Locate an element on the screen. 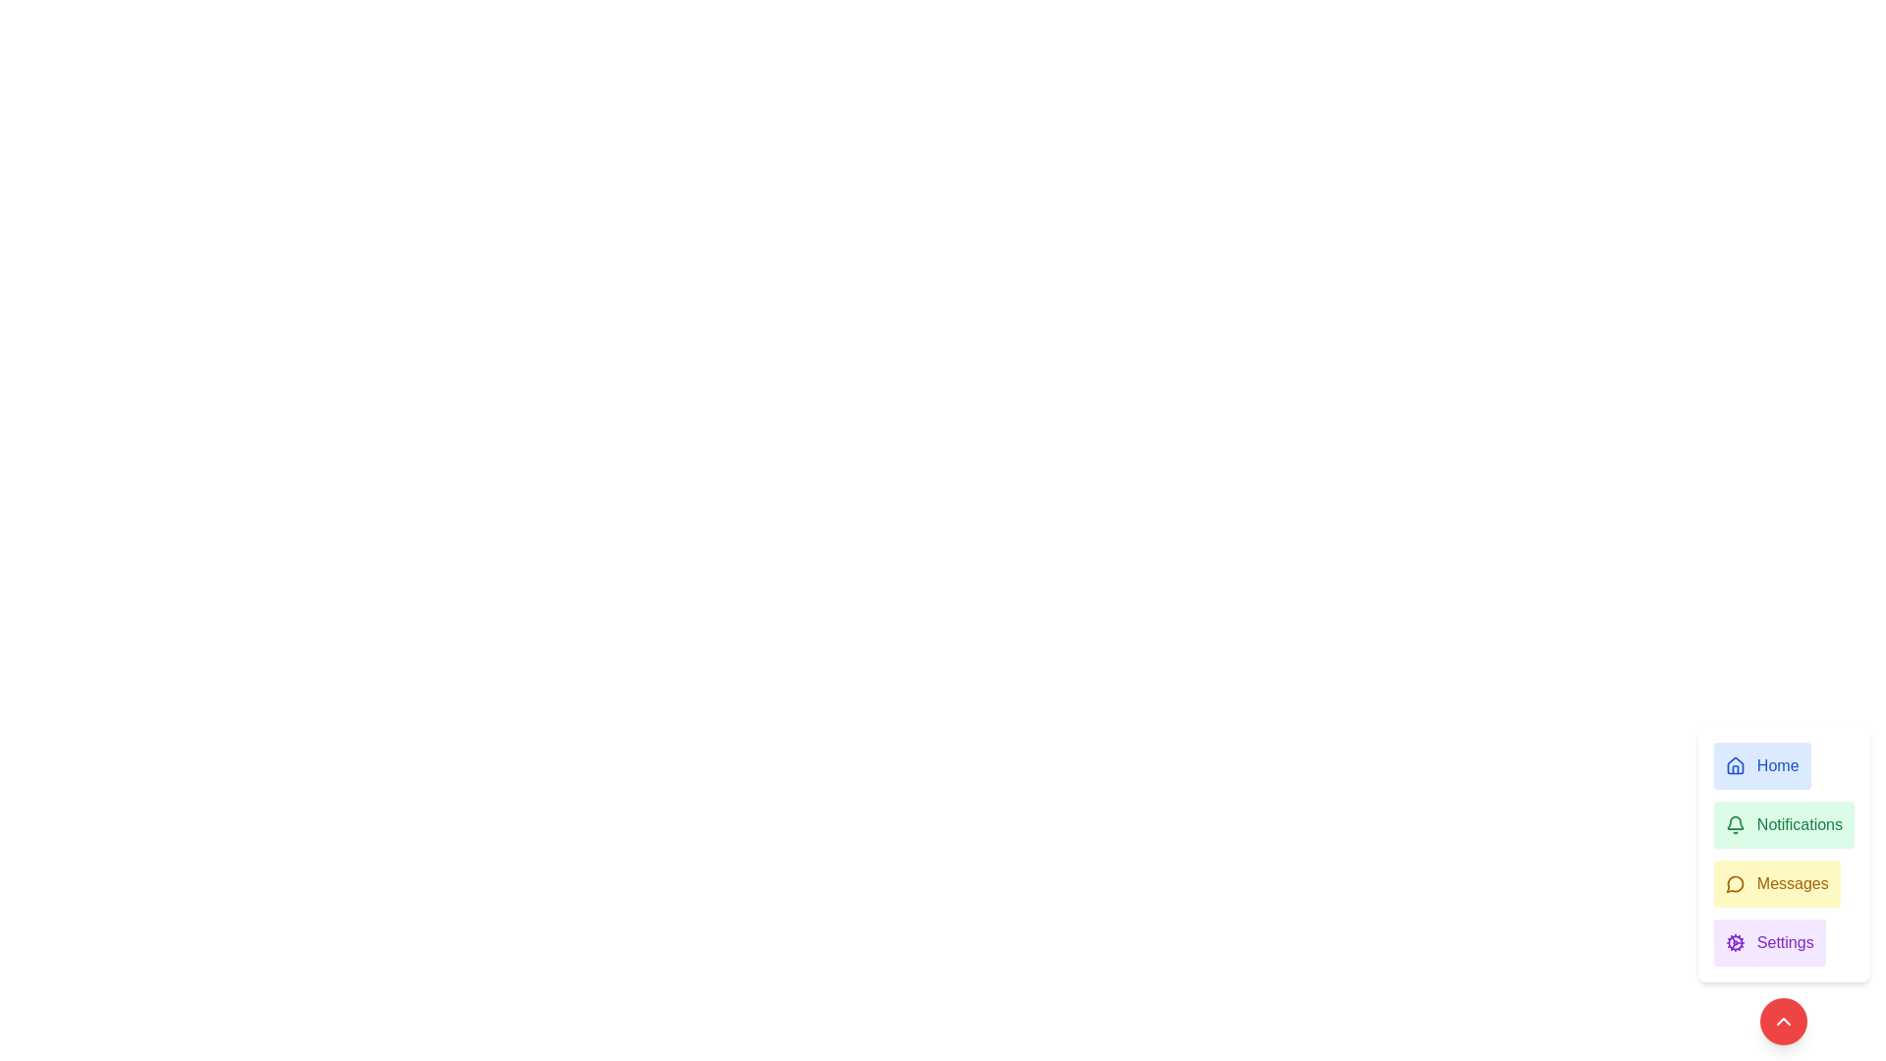 This screenshot has width=1886, height=1061. the 'Settings' label text, which visually indicates the function of the 'Settings' button located in the bottom-right quadrant of the interface is located at coordinates (1785, 942).